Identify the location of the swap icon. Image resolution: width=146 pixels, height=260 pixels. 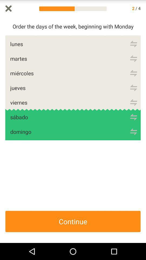
(133, 125).